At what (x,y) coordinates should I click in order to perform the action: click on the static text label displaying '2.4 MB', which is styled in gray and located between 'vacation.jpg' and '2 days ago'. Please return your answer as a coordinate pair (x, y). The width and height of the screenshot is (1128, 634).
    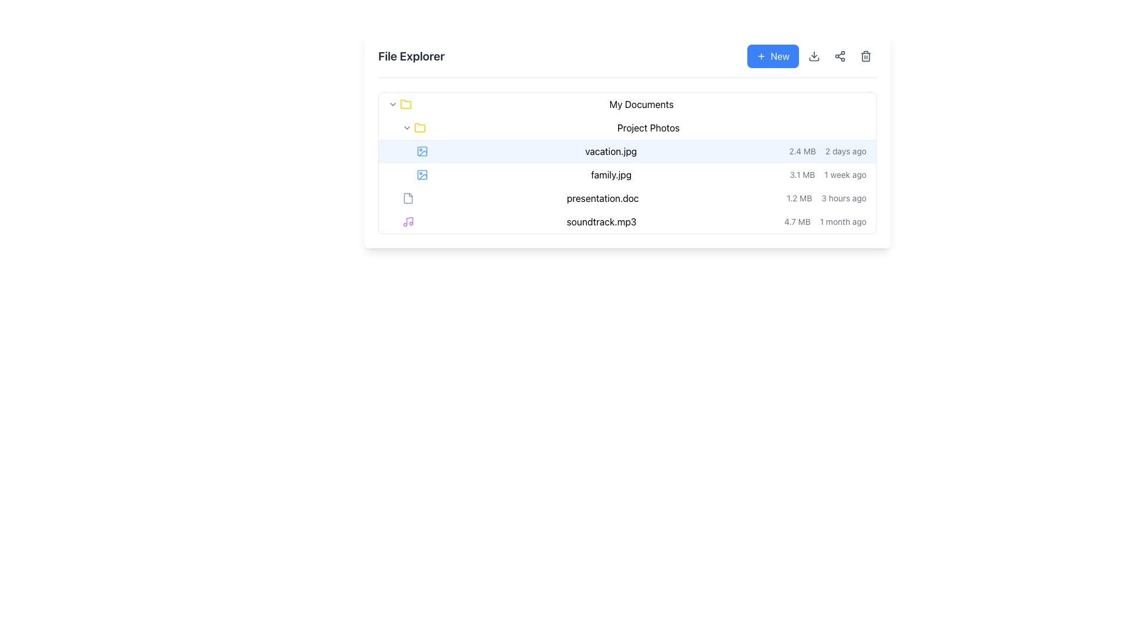
    Looking at the image, I should click on (802, 151).